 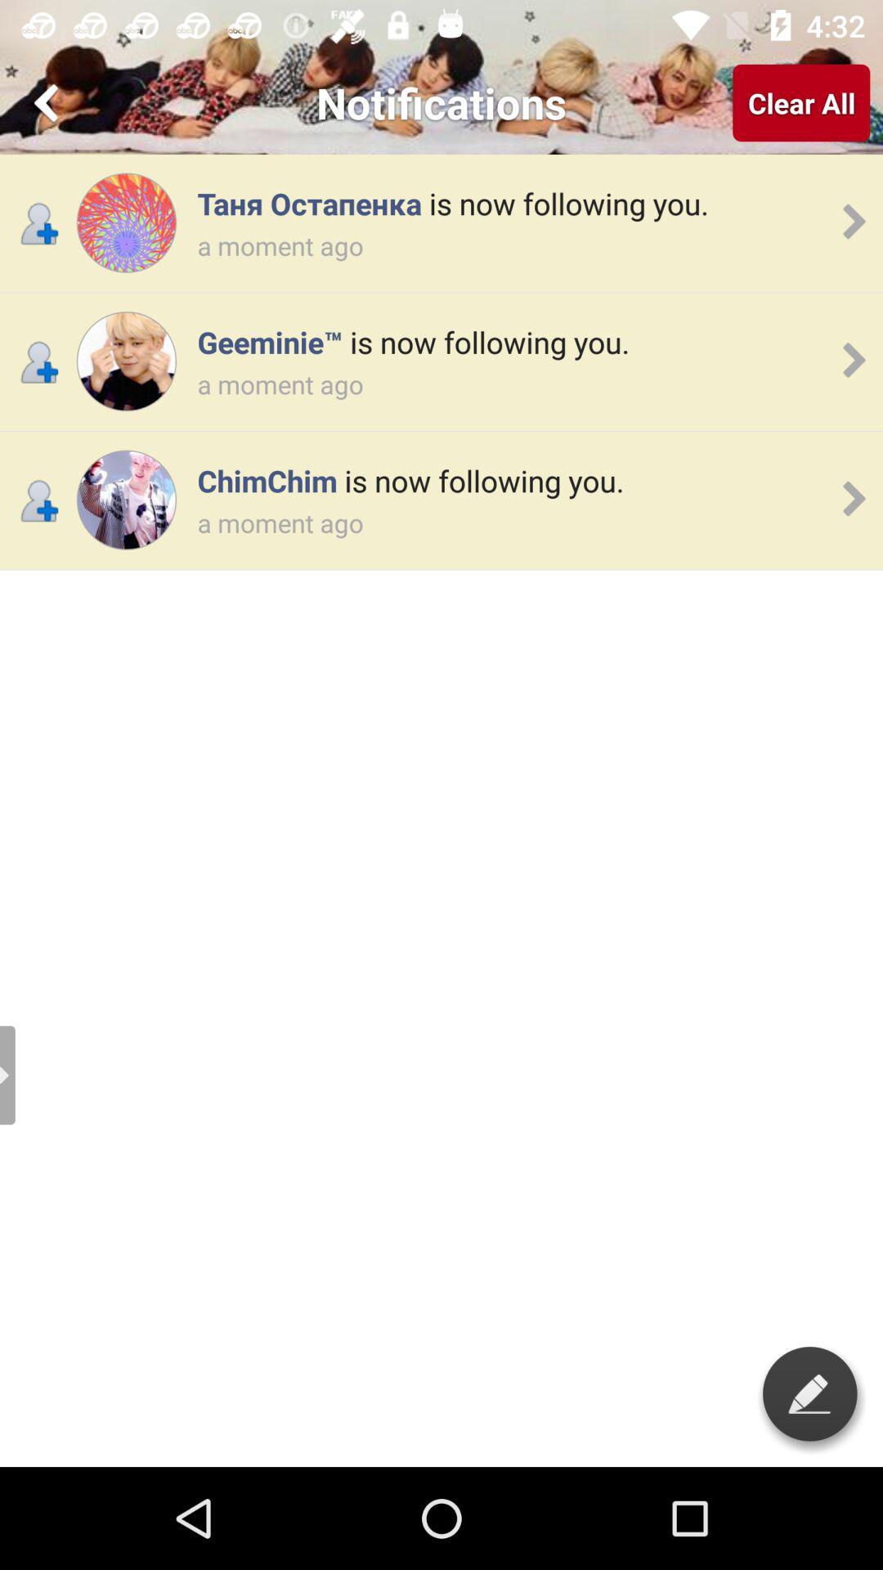 What do you see at coordinates (809, 1393) in the screenshot?
I see `write a message` at bounding box center [809, 1393].